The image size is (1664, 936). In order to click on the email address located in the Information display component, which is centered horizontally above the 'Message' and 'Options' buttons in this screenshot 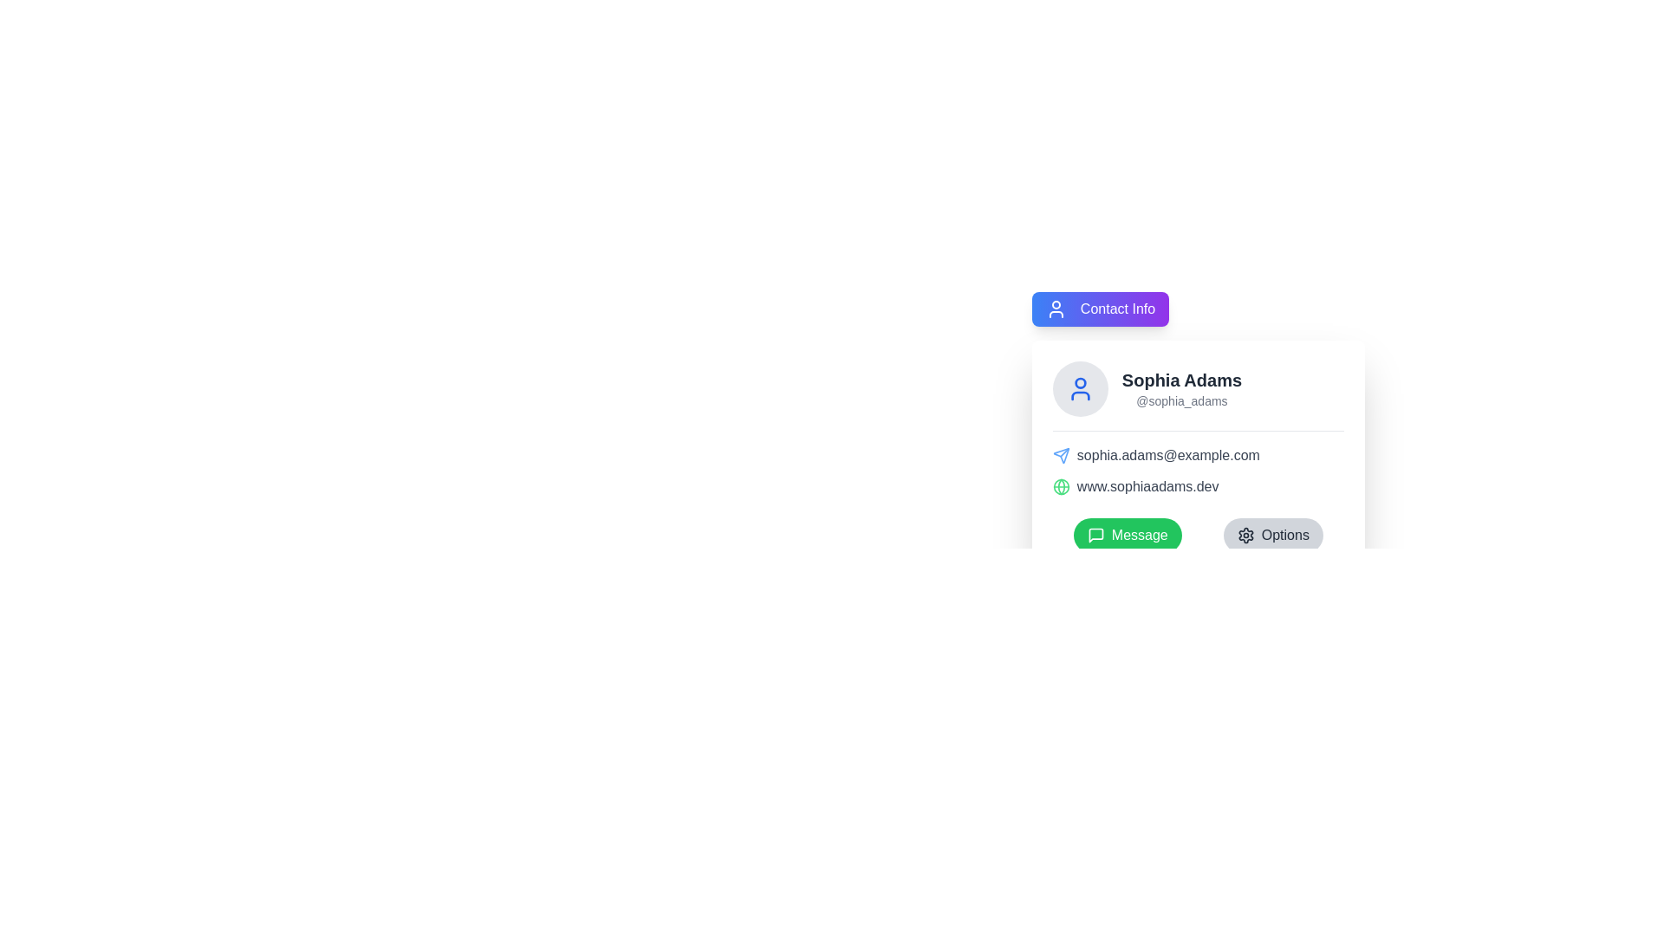, I will do `click(1197, 471)`.